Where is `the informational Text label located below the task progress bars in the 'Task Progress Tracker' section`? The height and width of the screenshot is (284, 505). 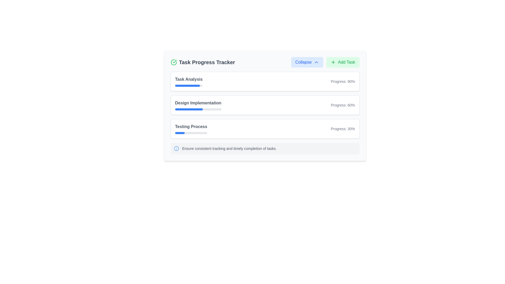 the informational Text label located below the task progress bars in the 'Task Progress Tracker' section is located at coordinates (229, 148).